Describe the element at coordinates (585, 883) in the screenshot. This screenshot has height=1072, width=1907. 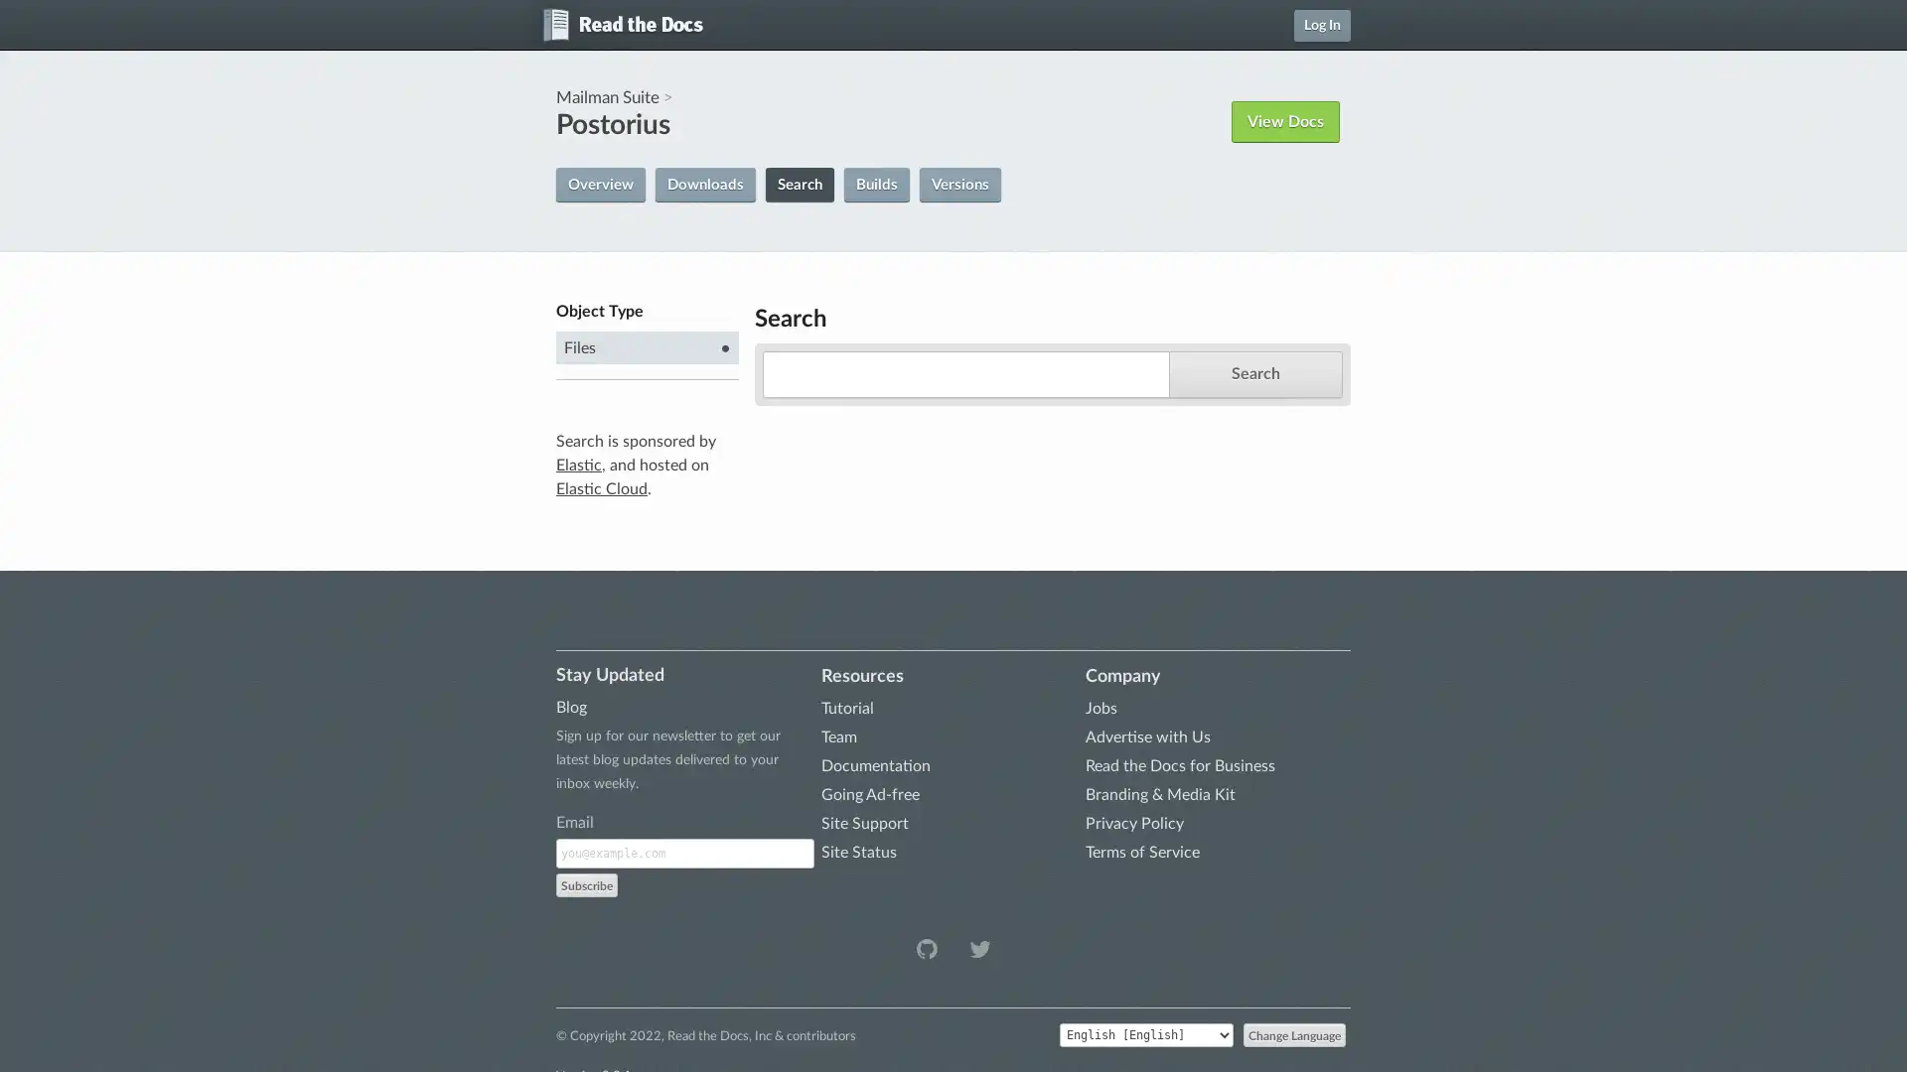
I see `Subscribe` at that location.